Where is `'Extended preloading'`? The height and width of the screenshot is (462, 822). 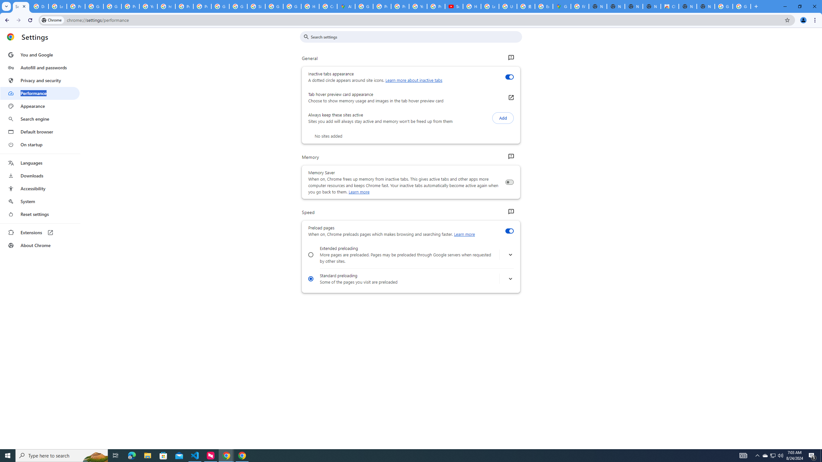
'Extended preloading' is located at coordinates (310, 254).